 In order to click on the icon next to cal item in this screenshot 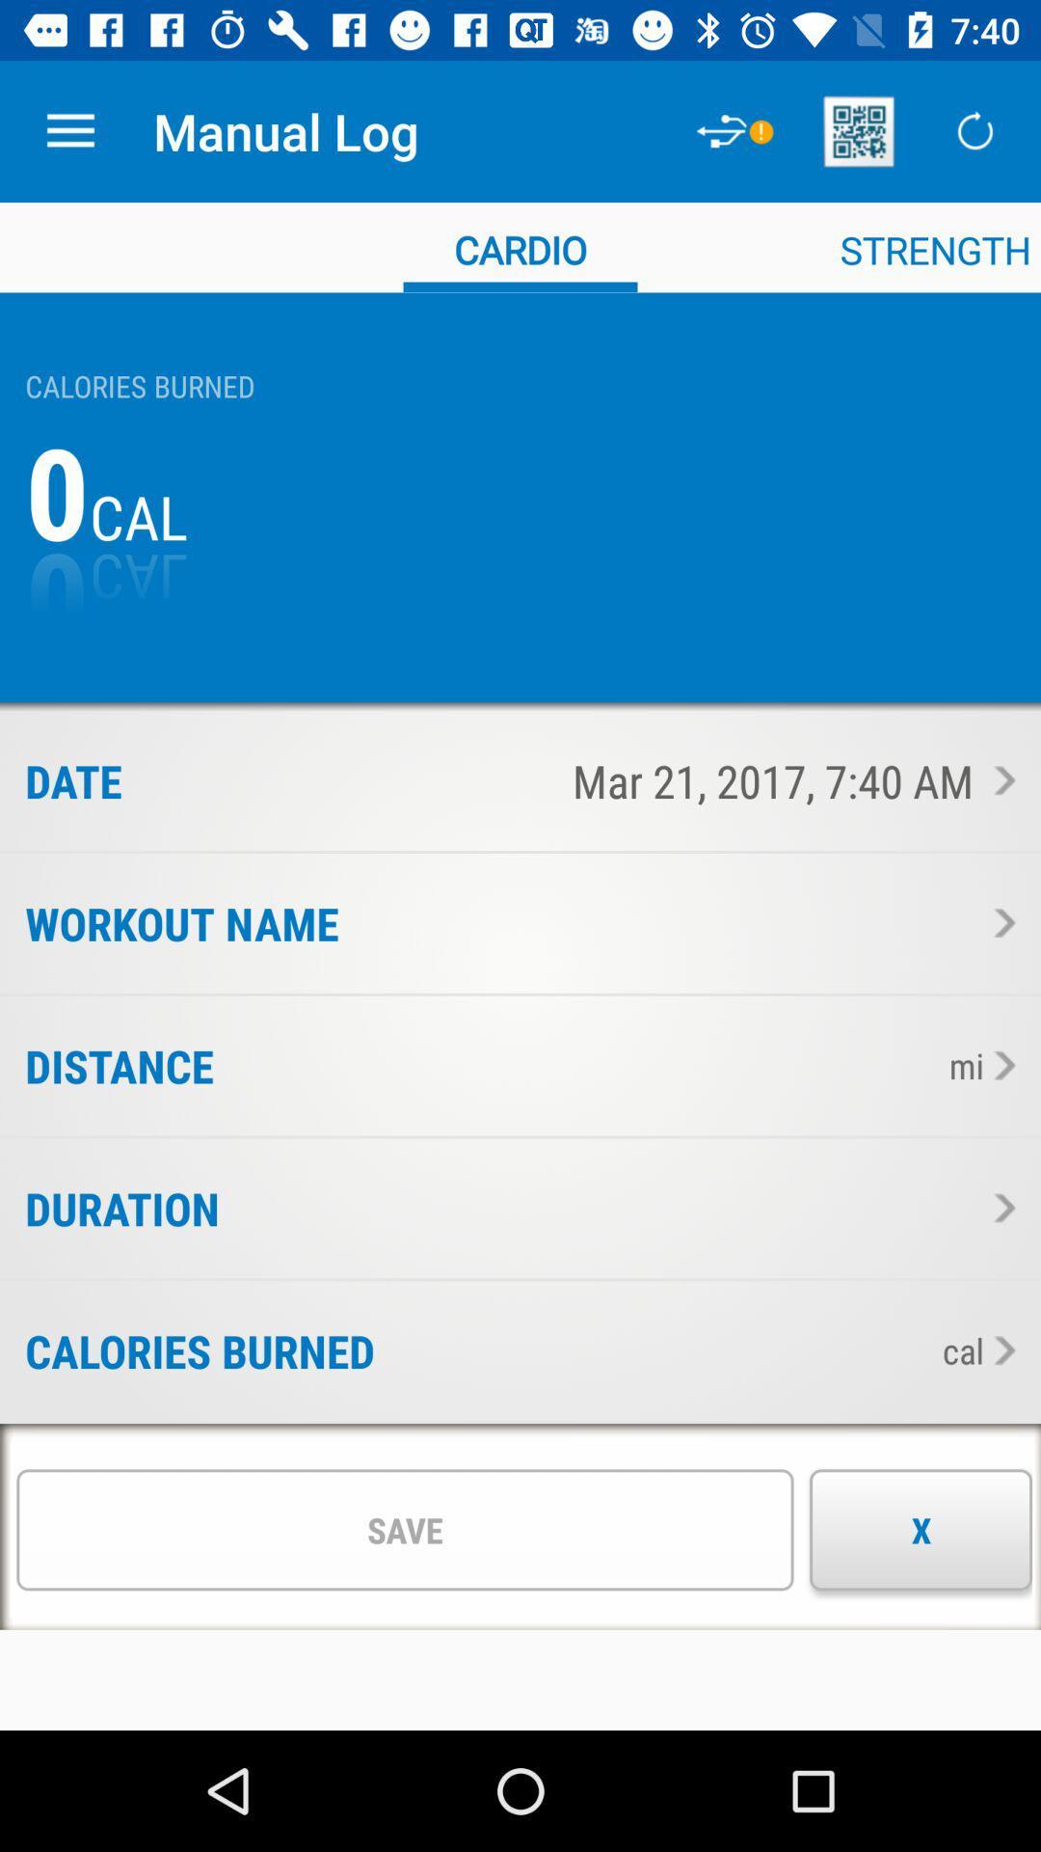, I will do `click(651, 1349)`.